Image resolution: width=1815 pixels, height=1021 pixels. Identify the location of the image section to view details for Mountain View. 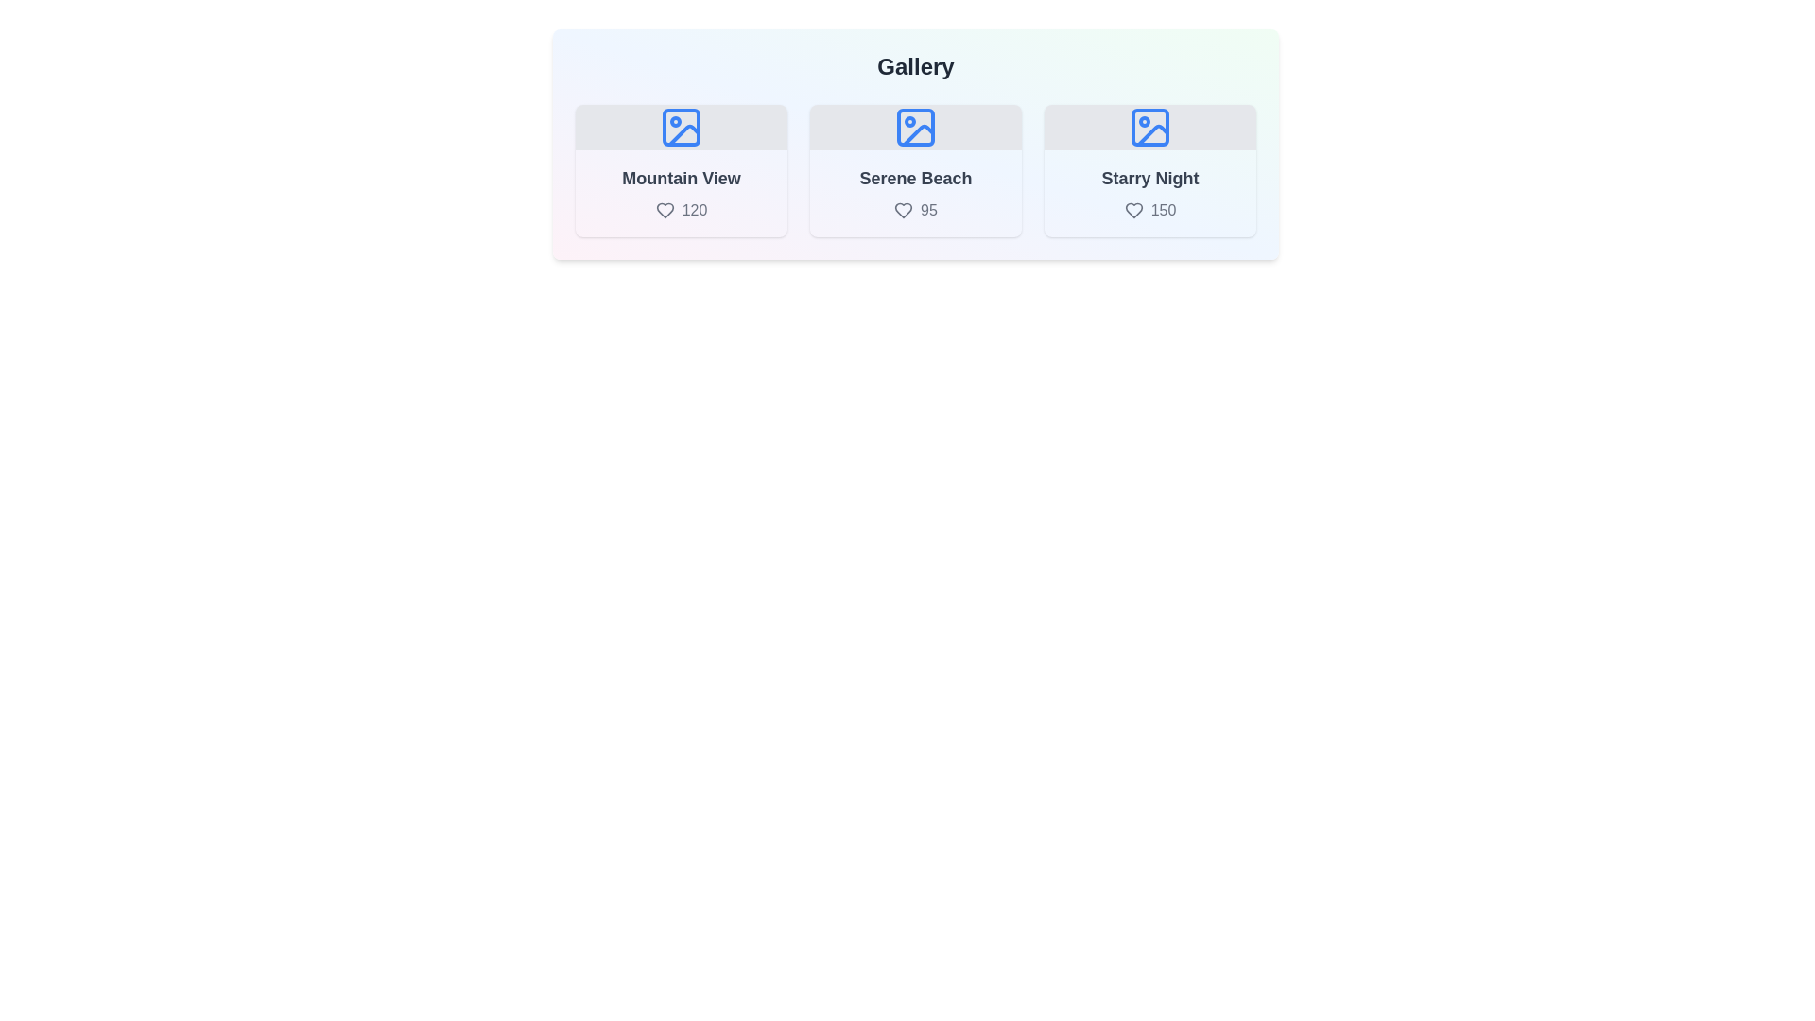
(681, 171).